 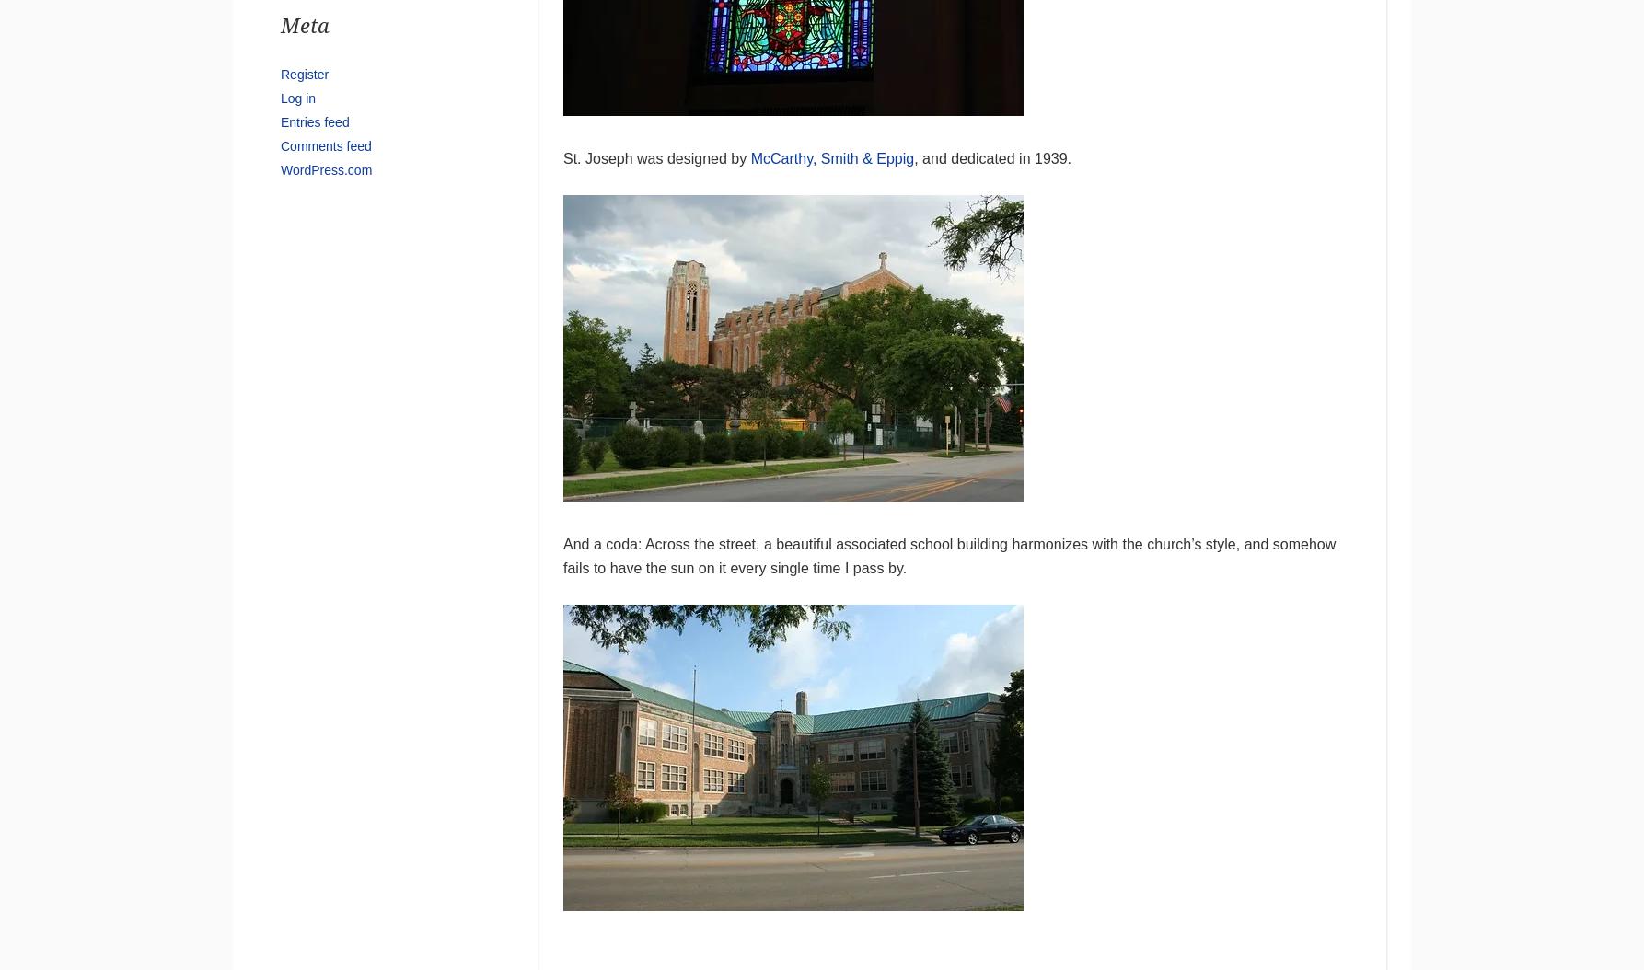 What do you see at coordinates (748, 156) in the screenshot?
I see `'McCarthy, Smith & Eppig'` at bounding box center [748, 156].